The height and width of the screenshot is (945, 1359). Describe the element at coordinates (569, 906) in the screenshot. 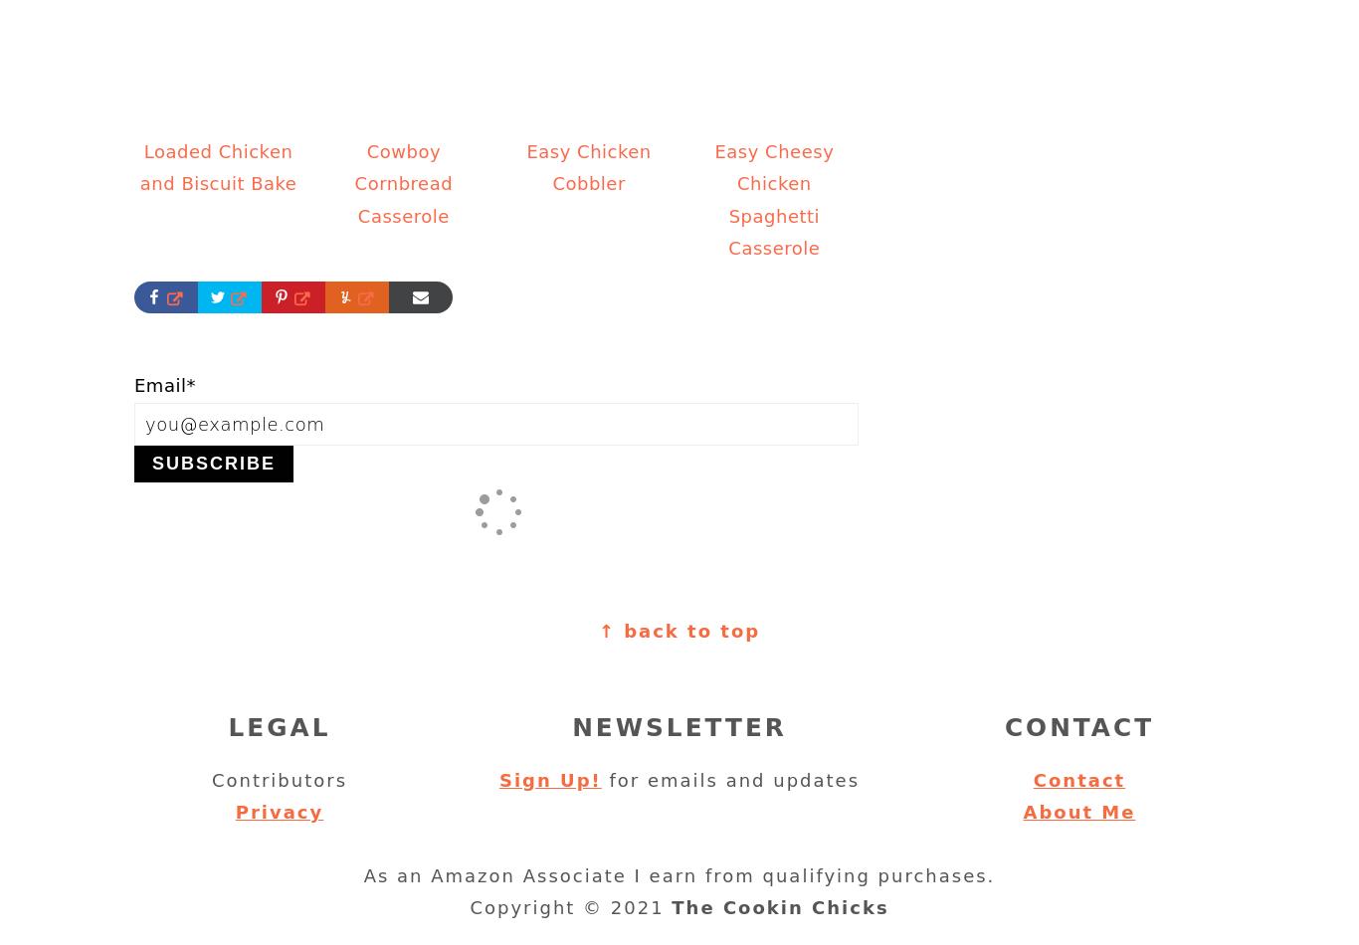

I see `'Copyright © 2021'` at that location.